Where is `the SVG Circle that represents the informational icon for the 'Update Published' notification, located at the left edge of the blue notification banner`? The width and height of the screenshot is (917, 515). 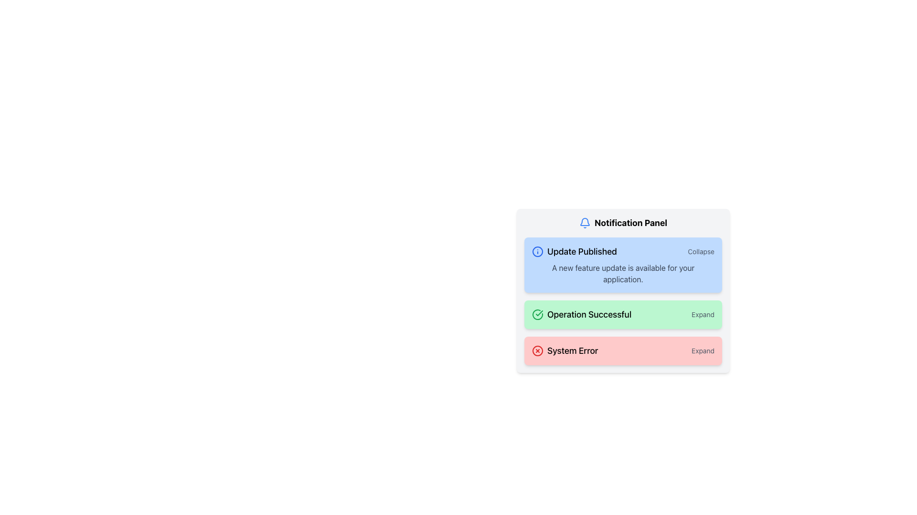
the SVG Circle that represents the informational icon for the 'Update Published' notification, located at the left edge of the blue notification banner is located at coordinates (538, 251).